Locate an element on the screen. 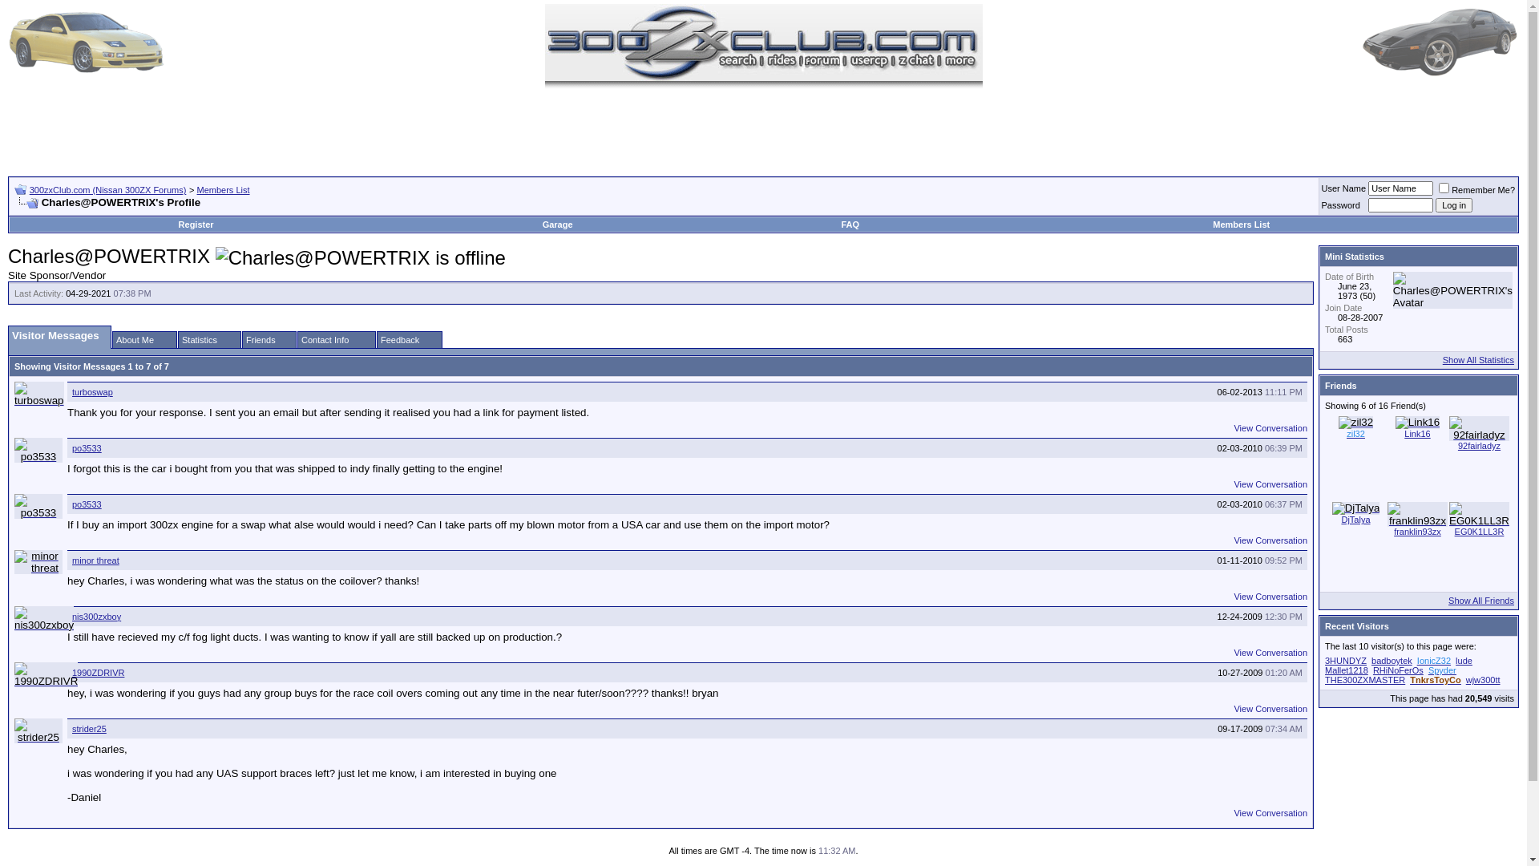 This screenshot has height=866, width=1539. 'minor threat' is located at coordinates (38, 561).